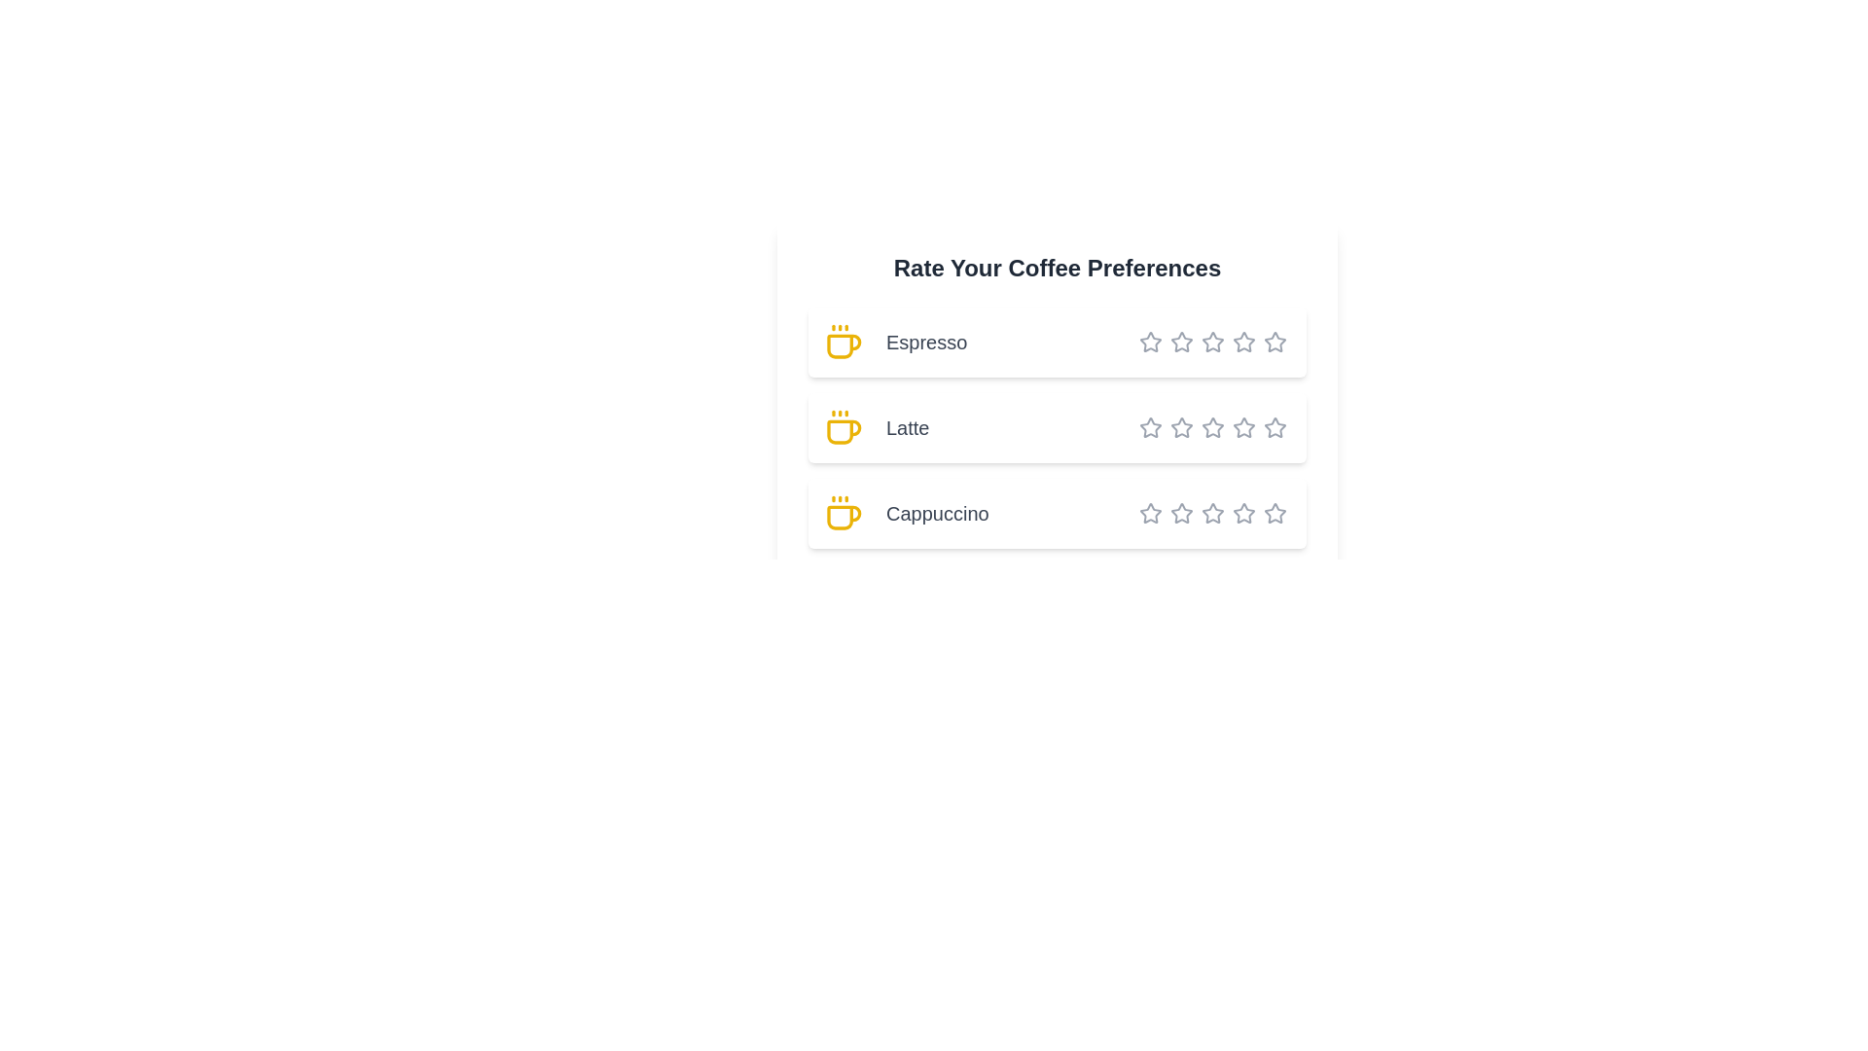  I want to click on the star corresponding to 1 stars for the coffee type Latte, so click(1150, 426).